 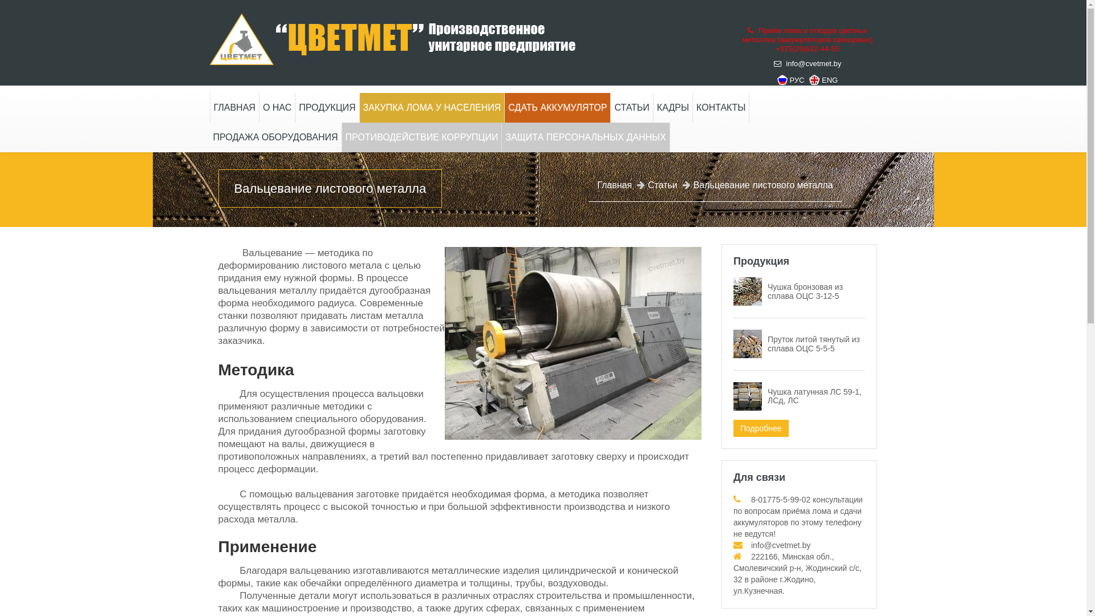 What do you see at coordinates (806, 63) in the screenshot?
I see `'info@cvetmet.by'` at bounding box center [806, 63].